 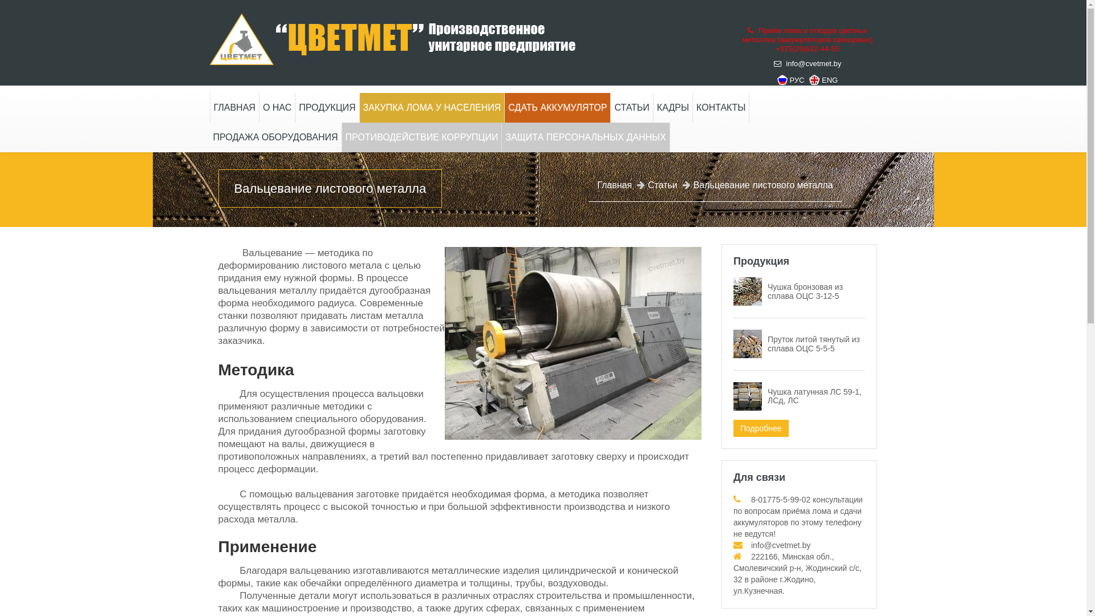 What do you see at coordinates (806, 63) in the screenshot?
I see `'info@cvetmet.by'` at bounding box center [806, 63].